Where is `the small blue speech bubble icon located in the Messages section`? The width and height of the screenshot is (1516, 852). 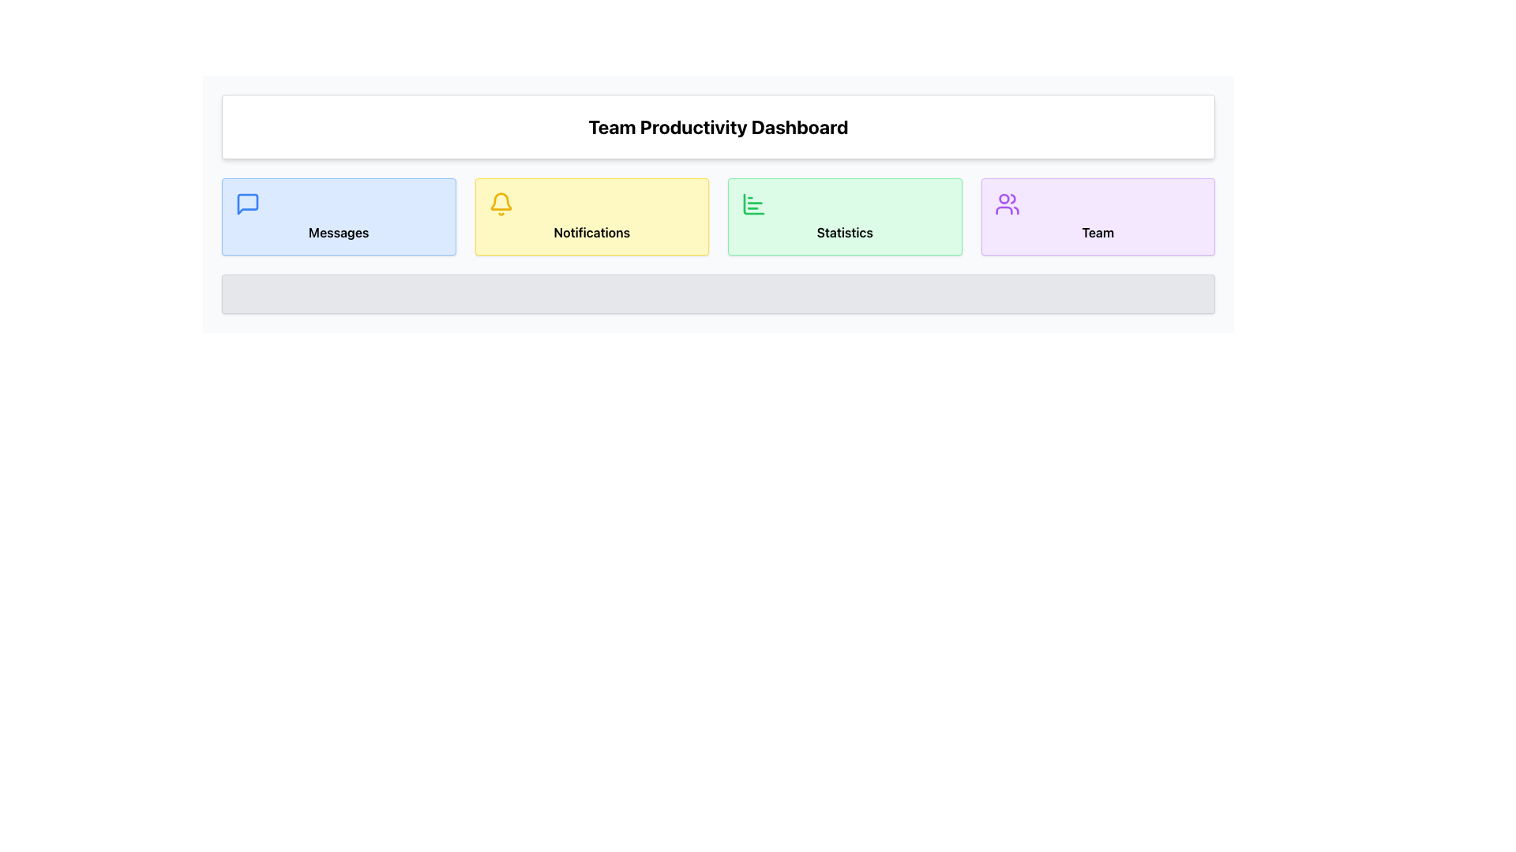
the small blue speech bubble icon located in the Messages section is located at coordinates (246, 203).